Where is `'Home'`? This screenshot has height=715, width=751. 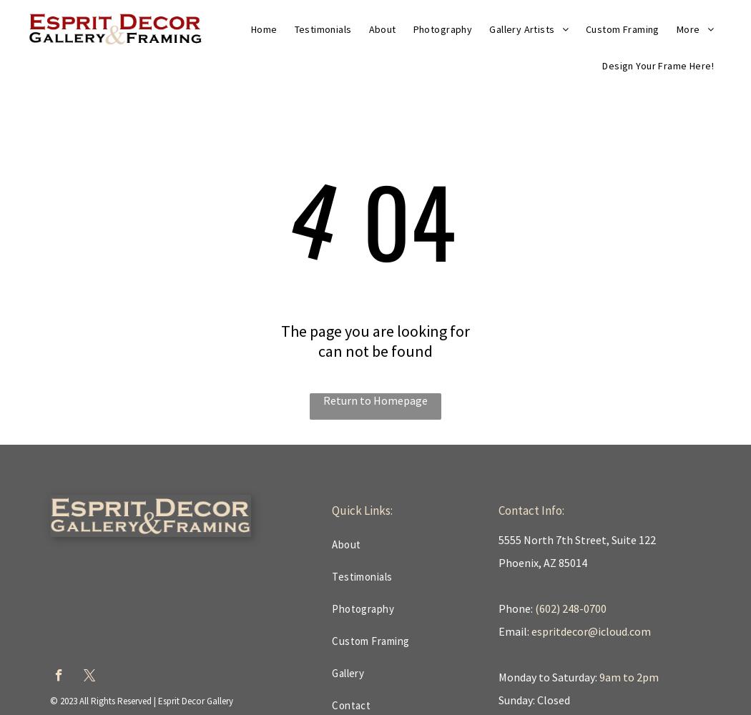 'Home' is located at coordinates (249, 29).